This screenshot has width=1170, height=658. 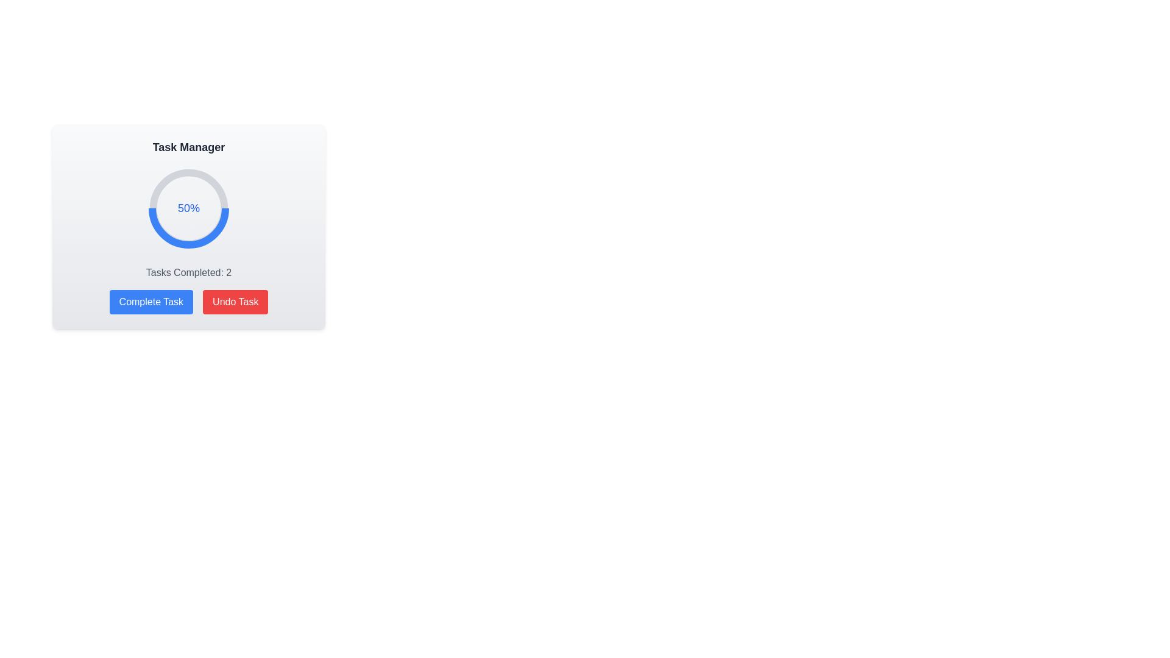 What do you see at coordinates (151, 302) in the screenshot?
I see `the 'Mark as Completed' button located in the bottom left section of the Task Manager interface to mark a task as completed` at bounding box center [151, 302].